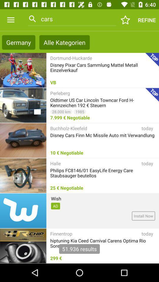 The width and height of the screenshot is (159, 282). I want to click on install now item, so click(143, 216).